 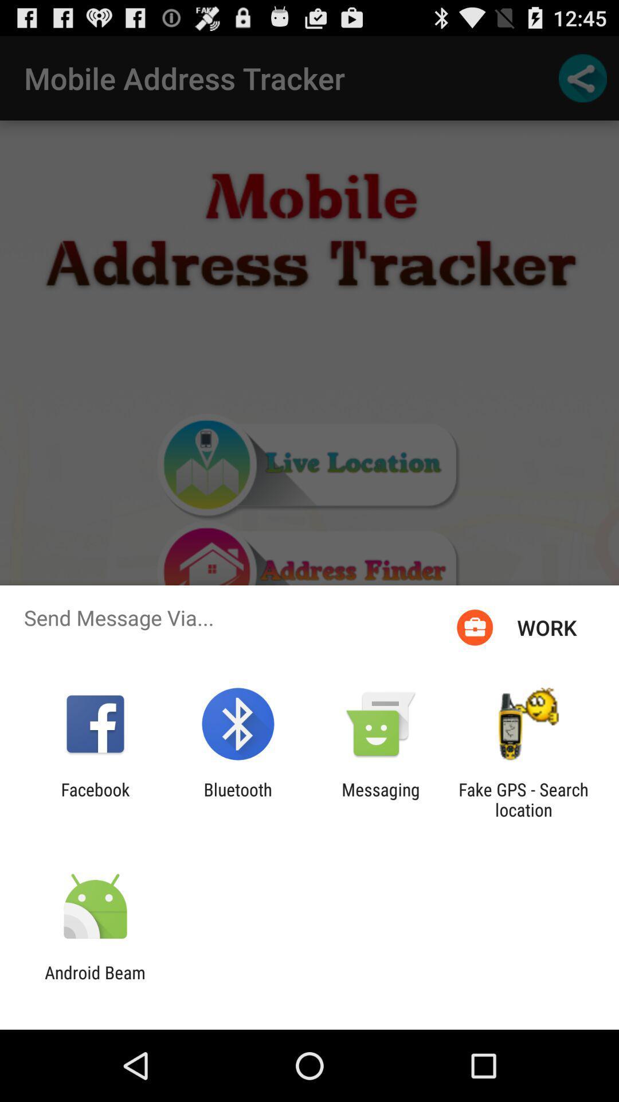 I want to click on app next to the bluetooth icon, so click(x=381, y=799).